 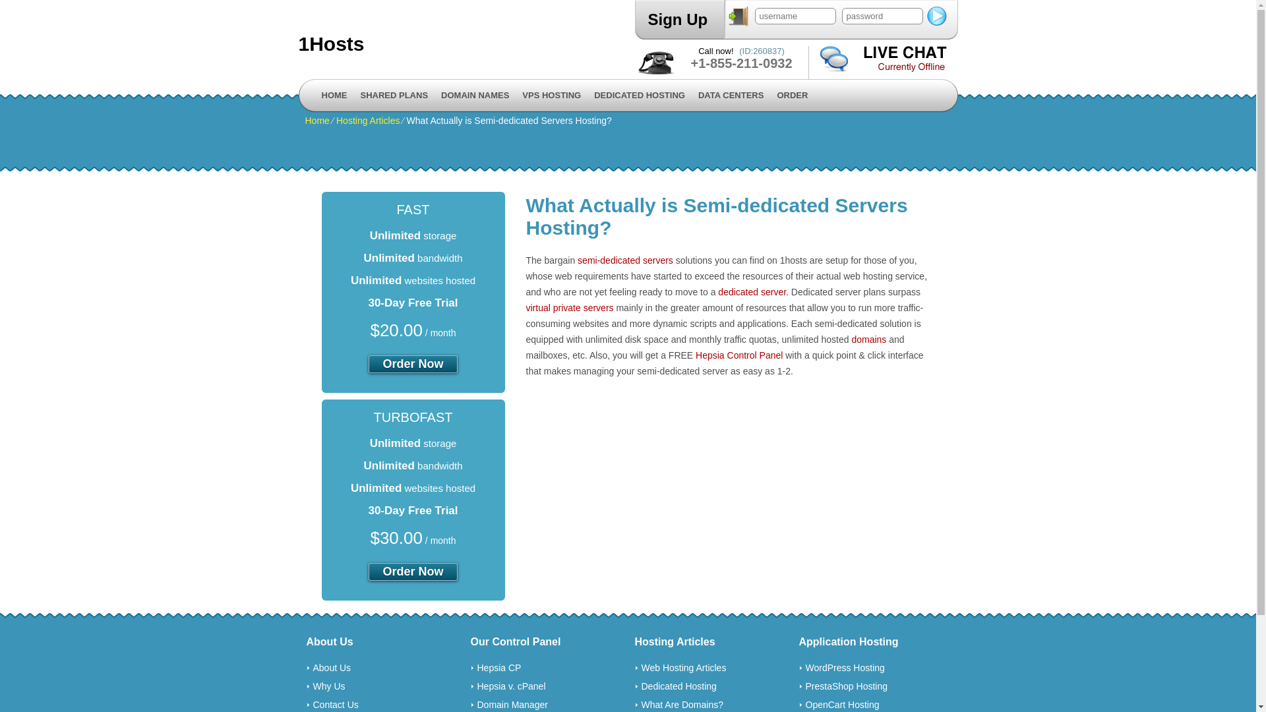 I want to click on 'domains', so click(x=851, y=339).